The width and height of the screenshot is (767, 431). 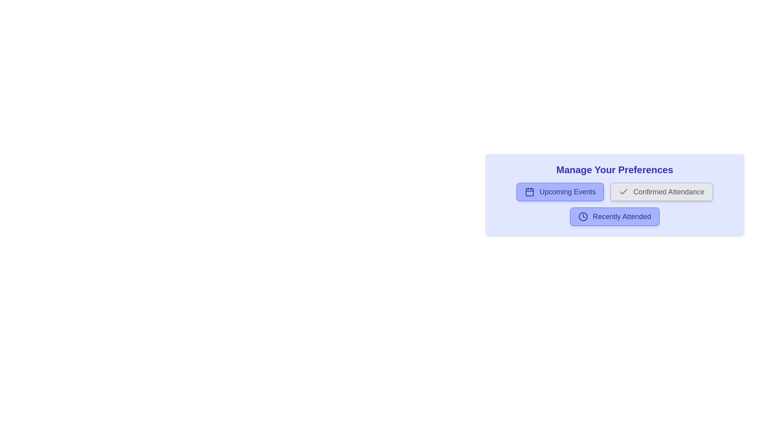 I want to click on the icon of the Confirmed Attendance button to toggle its state, so click(x=623, y=192).